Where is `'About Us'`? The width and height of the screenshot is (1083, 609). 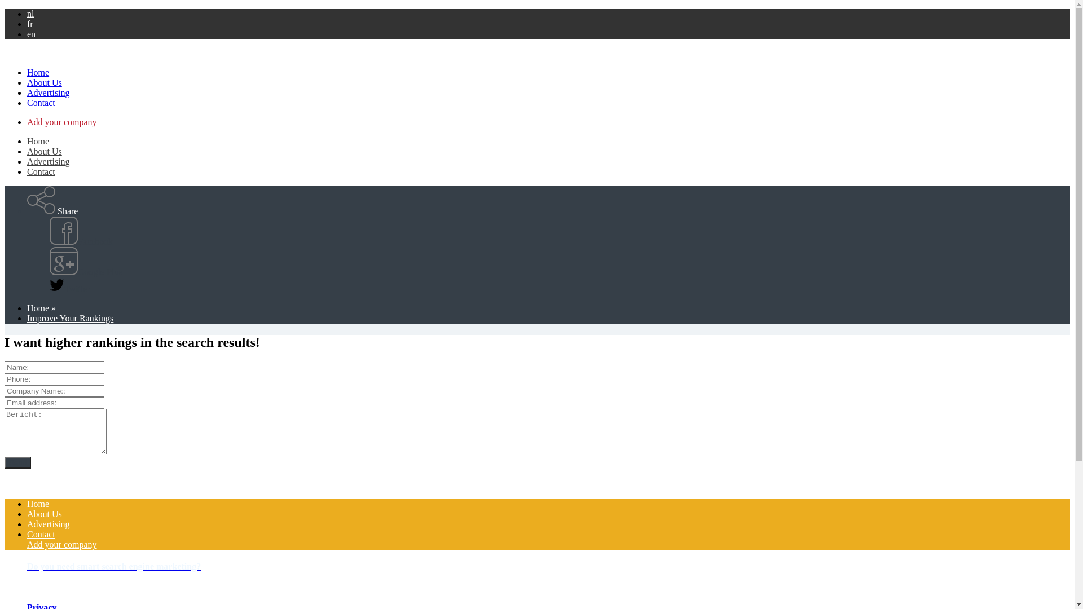 'About Us' is located at coordinates (44, 82).